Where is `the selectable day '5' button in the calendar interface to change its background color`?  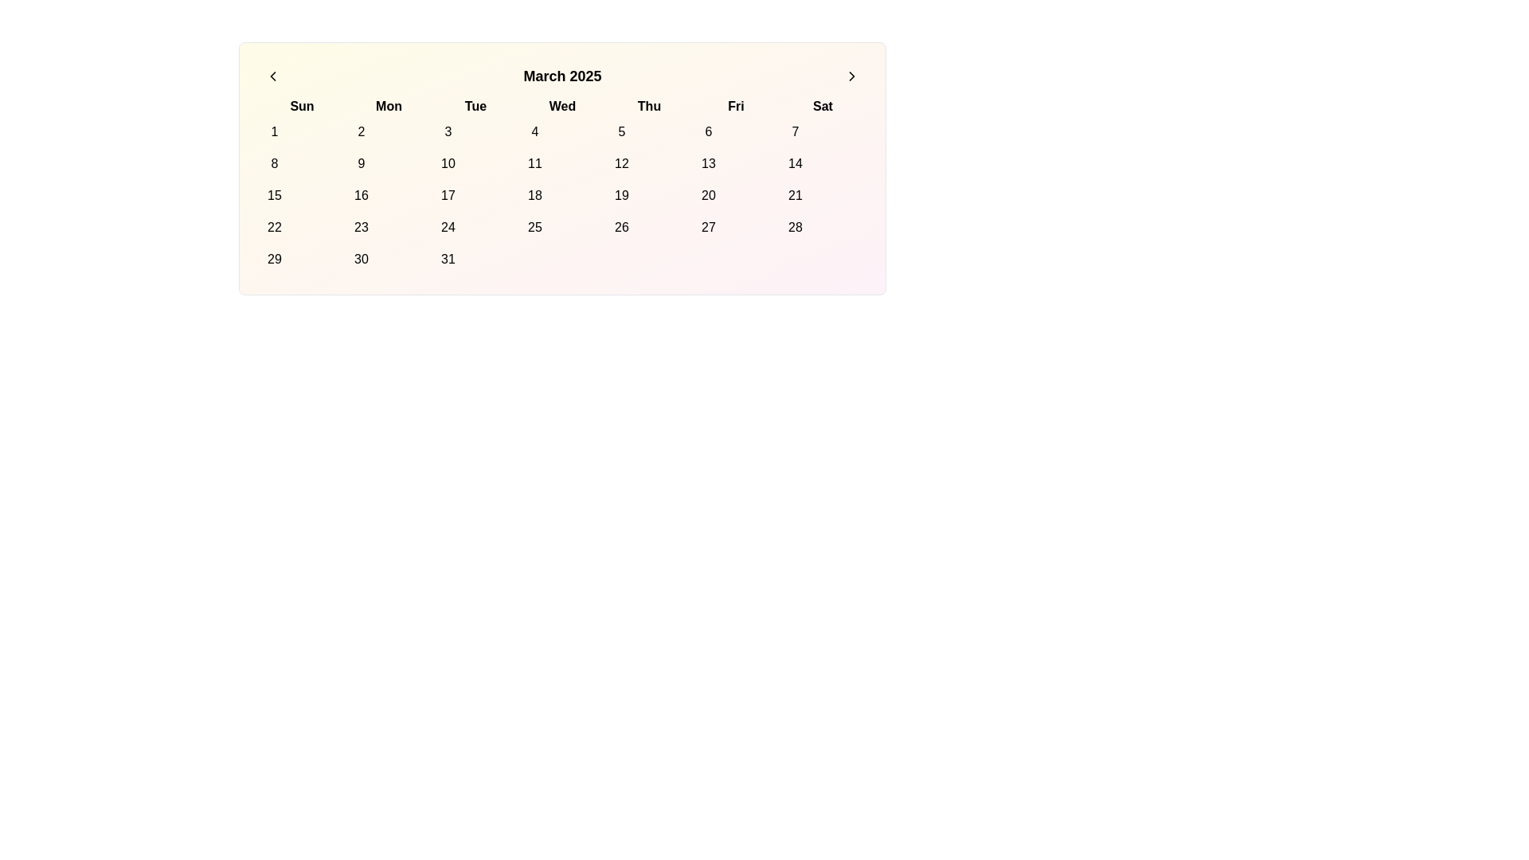
the selectable day '5' button in the calendar interface to change its background color is located at coordinates (621, 131).